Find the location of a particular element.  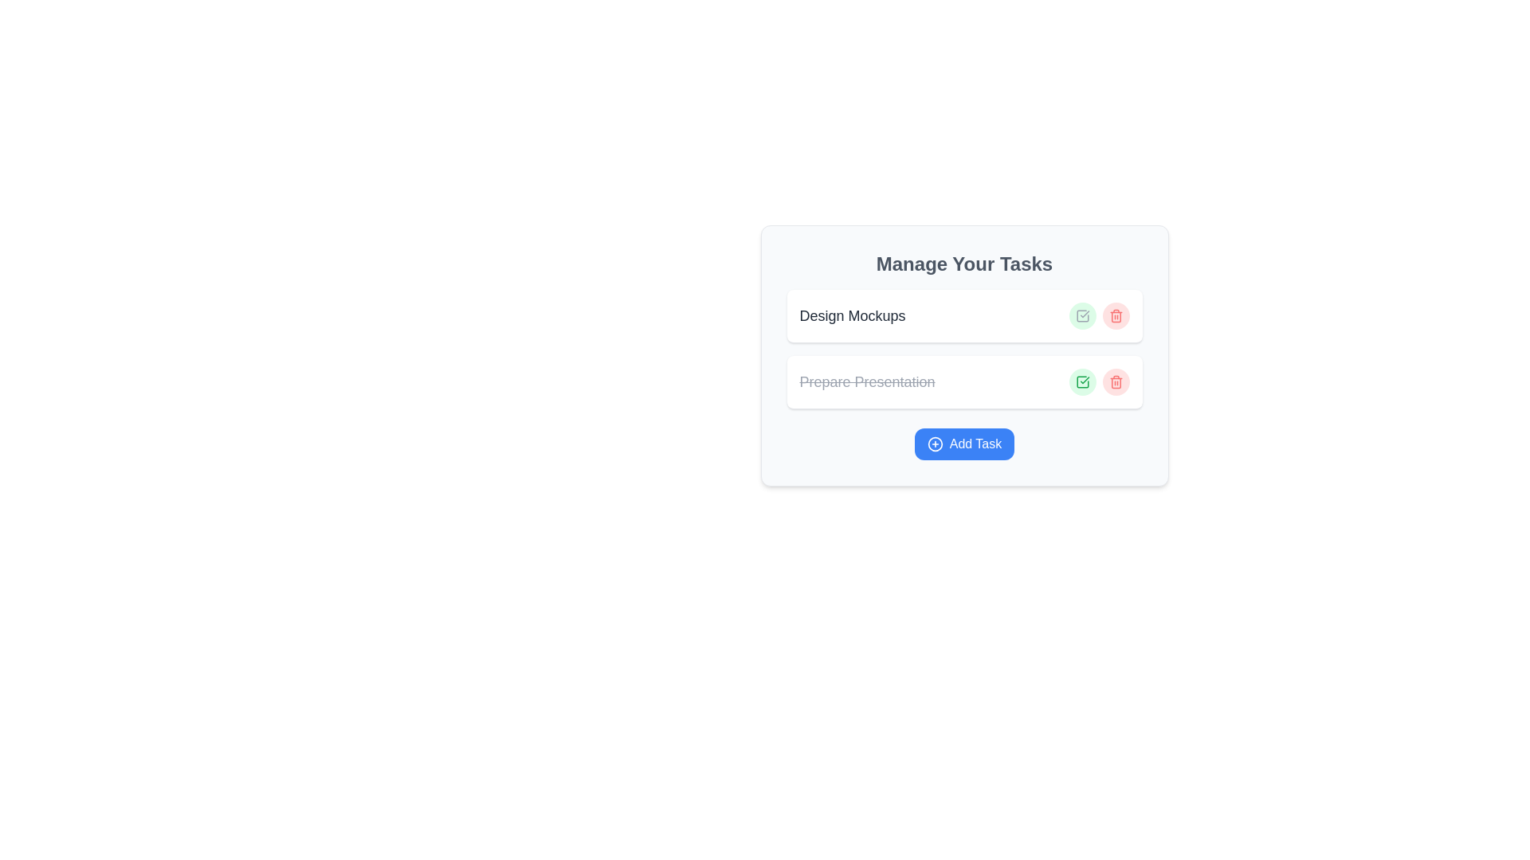

the text label in the task list, which is located in the first row next to a green checkmark and a red trash can icon is located at coordinates (852, 316).